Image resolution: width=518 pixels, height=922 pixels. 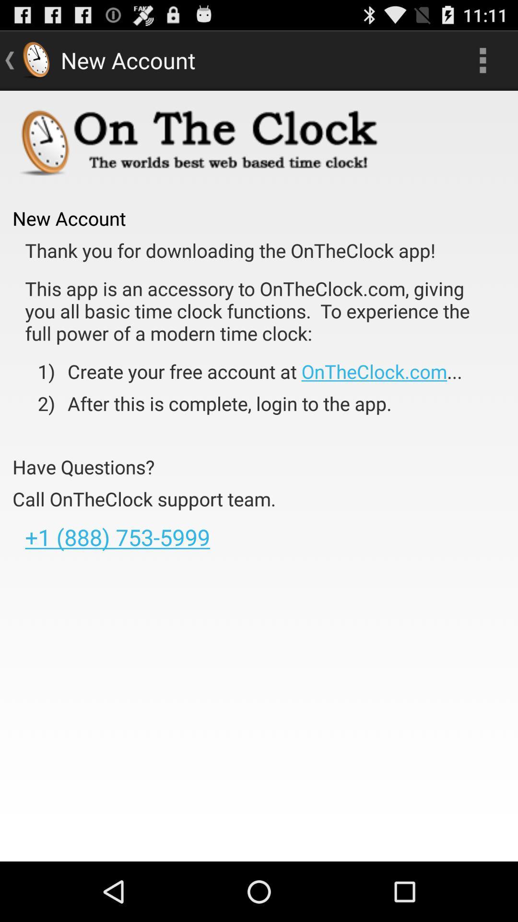 What do you see at coordinates (258, 371) in the screenshot?
I see `icon below this app is item` at bounding box center [258, 371].